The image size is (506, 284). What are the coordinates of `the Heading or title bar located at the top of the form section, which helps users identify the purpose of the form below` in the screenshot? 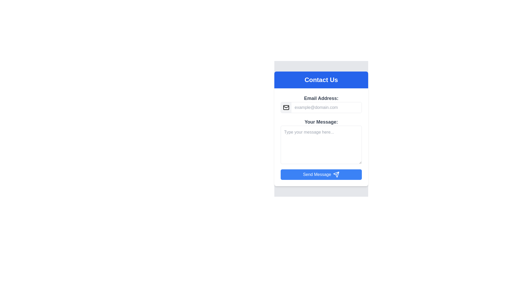 It's located at (321, 80).